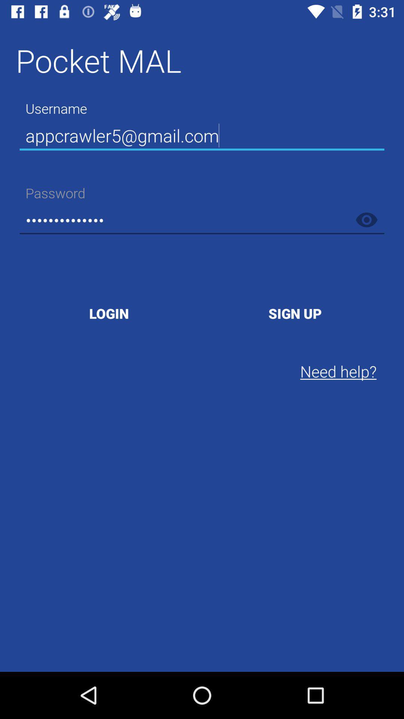 This screenshot has height=719, width=404. Describe the element at coordinates (366, 219) in the screenshot. I see `show password` at that location.